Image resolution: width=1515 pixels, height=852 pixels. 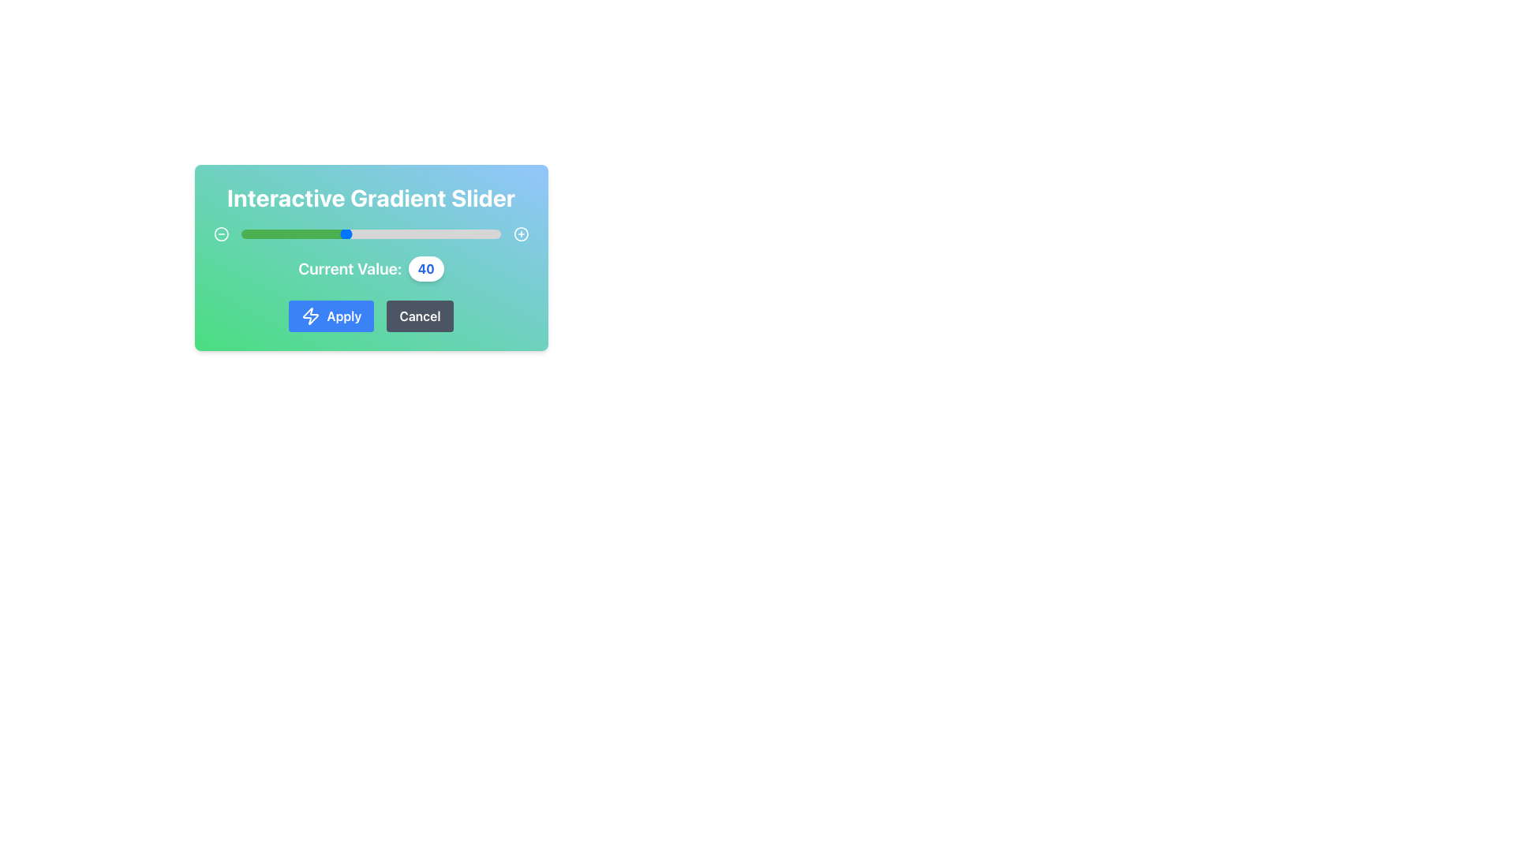 What do you see at coordinates (349, 267) in the screenshot?
I see `the text label that describes the 'current value', positioned to the left of the numeric display '40'` at bounding box center [349, 267].